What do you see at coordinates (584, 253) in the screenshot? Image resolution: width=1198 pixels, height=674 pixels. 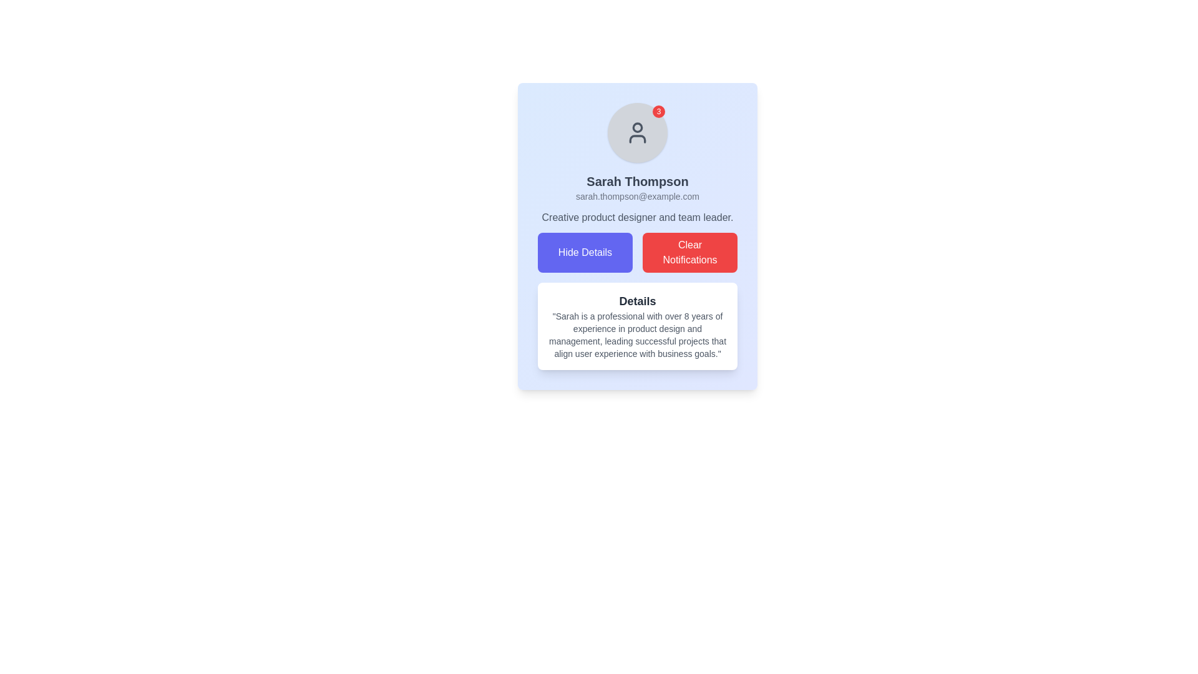 I see `the blue rectangular button labeled 'Hide Details' to change its color` at bounding box center [584, 253].